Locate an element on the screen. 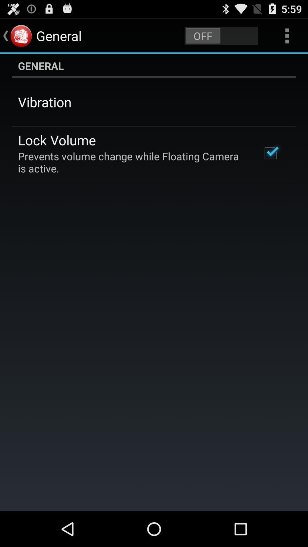 The height and width of the screenshot is (547, 308). the prevents volume change icon is located at coordinates (132, 162).